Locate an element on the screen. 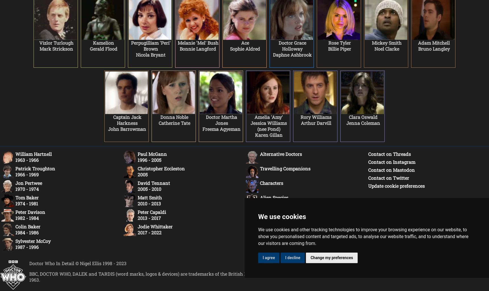 This screenshot has height=291, width=489. '1984 - 1986' is located at coordinates (27, 232).